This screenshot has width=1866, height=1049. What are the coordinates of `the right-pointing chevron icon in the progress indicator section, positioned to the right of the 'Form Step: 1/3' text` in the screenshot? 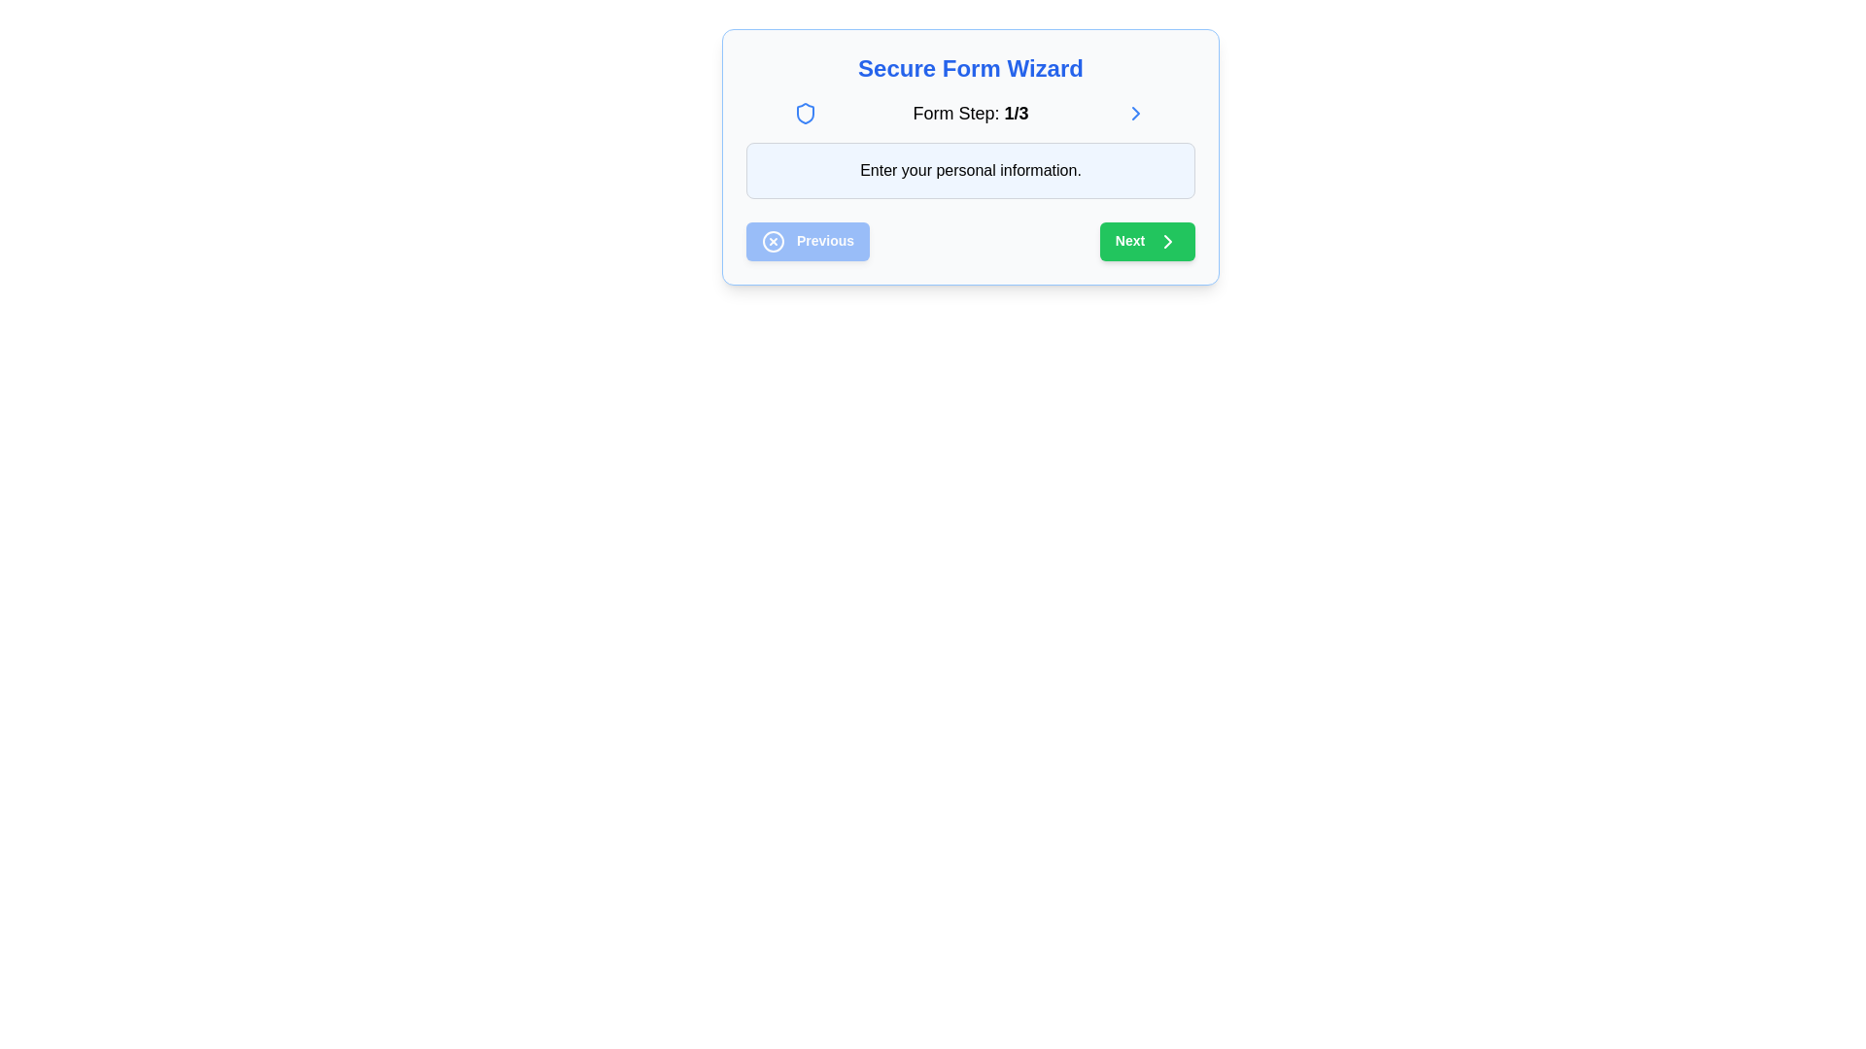 It's located at (1135, 113).